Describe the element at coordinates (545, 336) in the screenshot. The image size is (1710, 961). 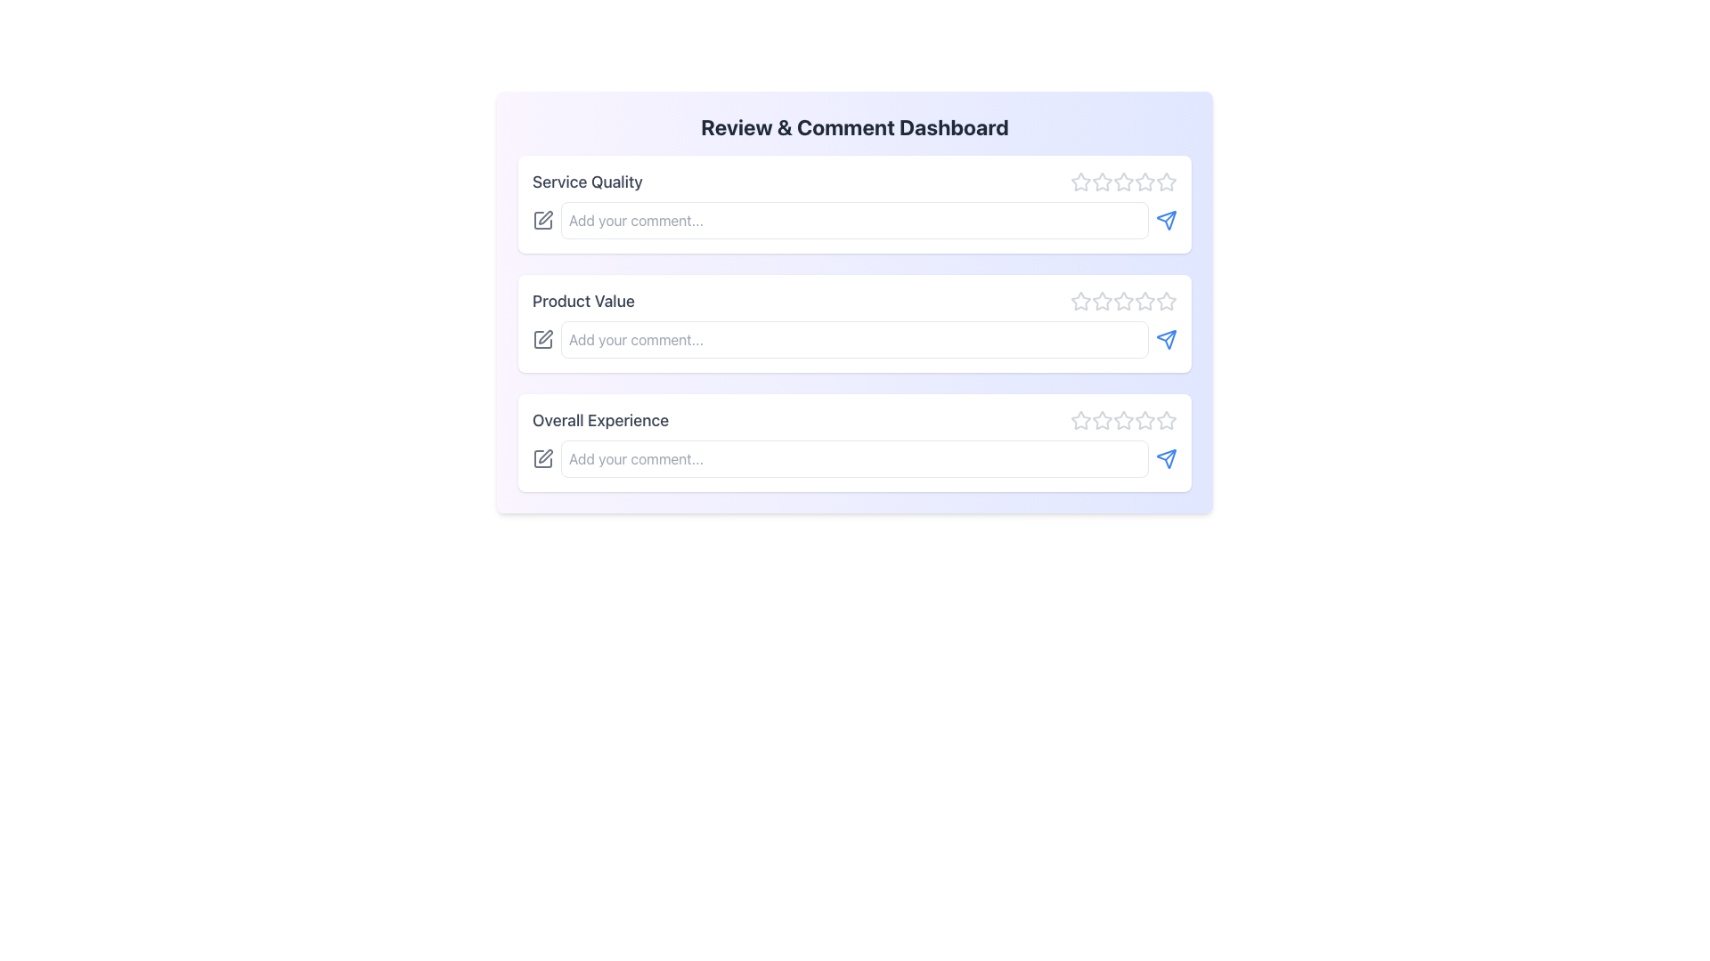
I see `the edit icon for the 'Product Value' section, which is the second icon in a vertical list, positioned between 'Service Quality' and 'Overall Experience'` at that location.